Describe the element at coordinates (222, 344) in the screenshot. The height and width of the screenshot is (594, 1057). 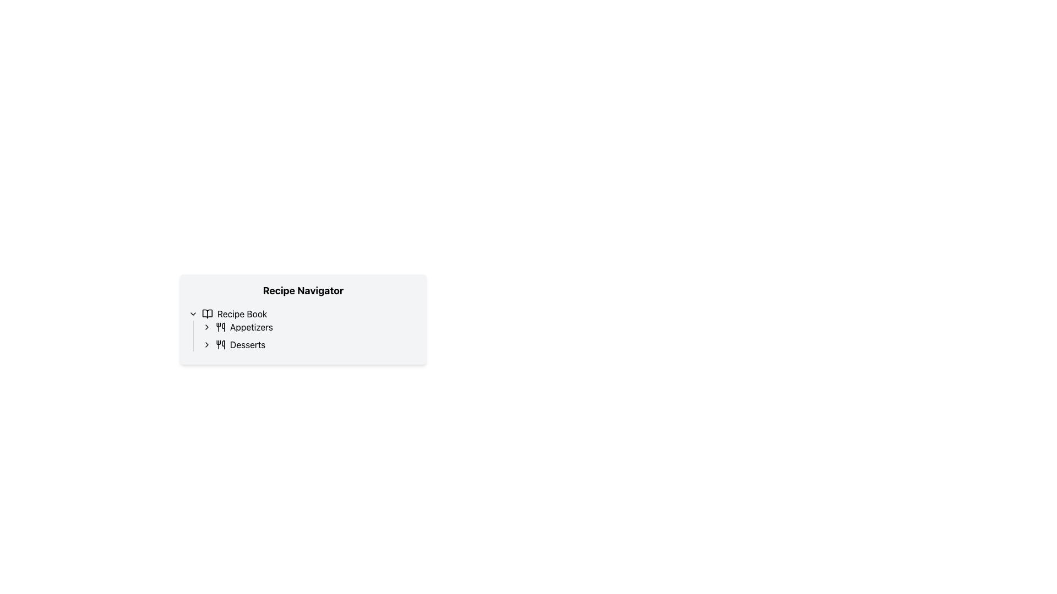
I see `the graphical icon component resembling a culinary utensil, located within the 'Recipe Navigator' for the 'Desserts' category` at that location.